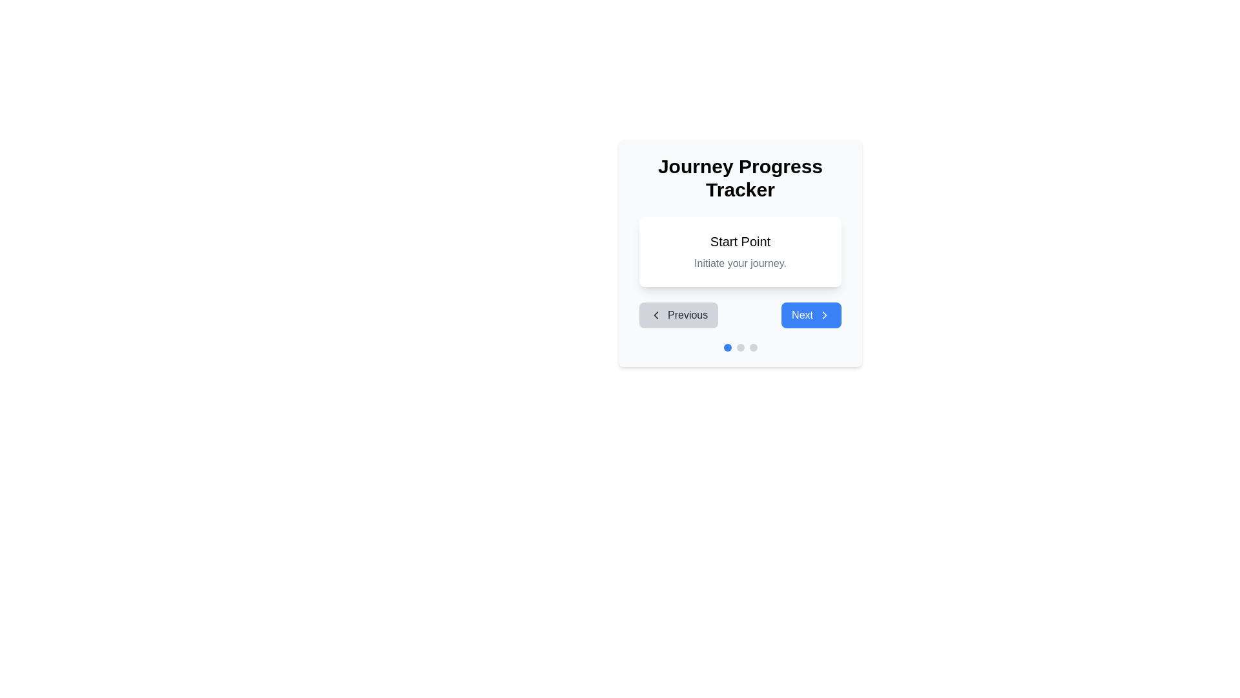 This screenshot has height=698, width=1240. Describe the element at coordinates (740, 253) in the screenshot. I see `the 'Journey Progress Tracker' section` at that location.